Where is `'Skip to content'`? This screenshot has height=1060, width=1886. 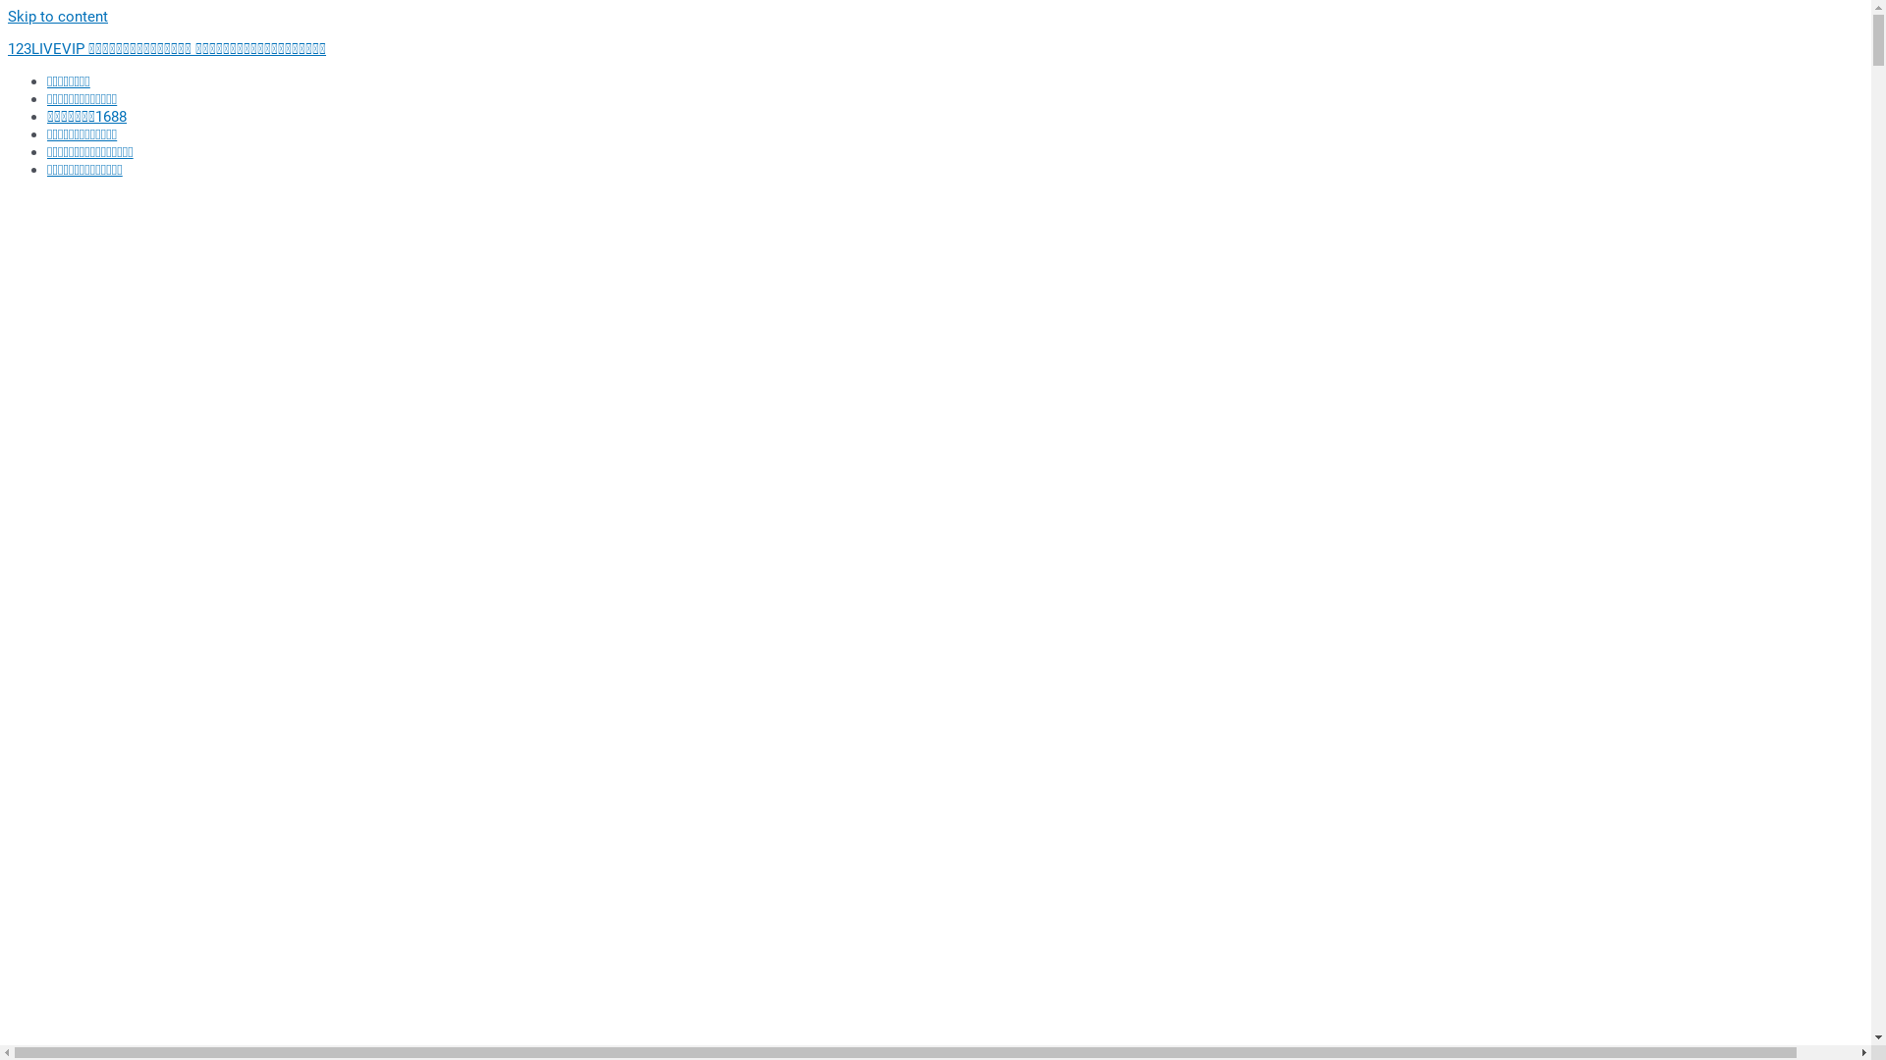 'Skip to content' is located at coordinates (57, 16).